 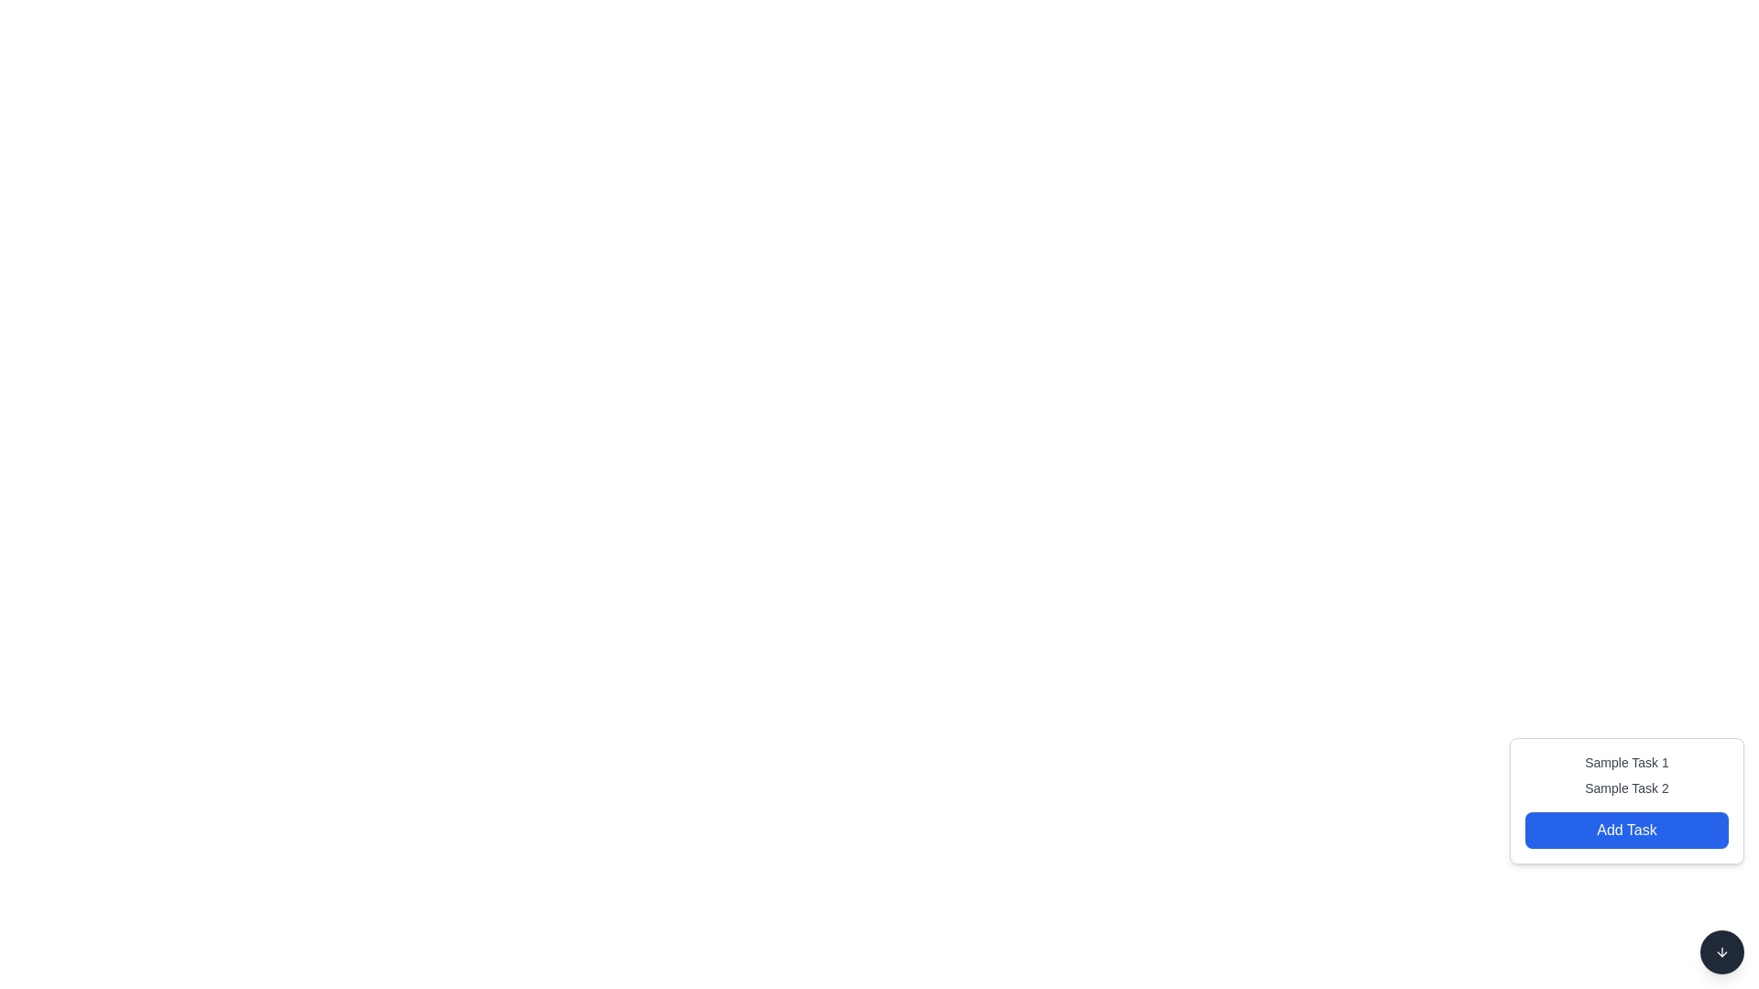 I want to click on the circular button with a dark gray background and a downward arrow icon, so click(x=1721, y=951).